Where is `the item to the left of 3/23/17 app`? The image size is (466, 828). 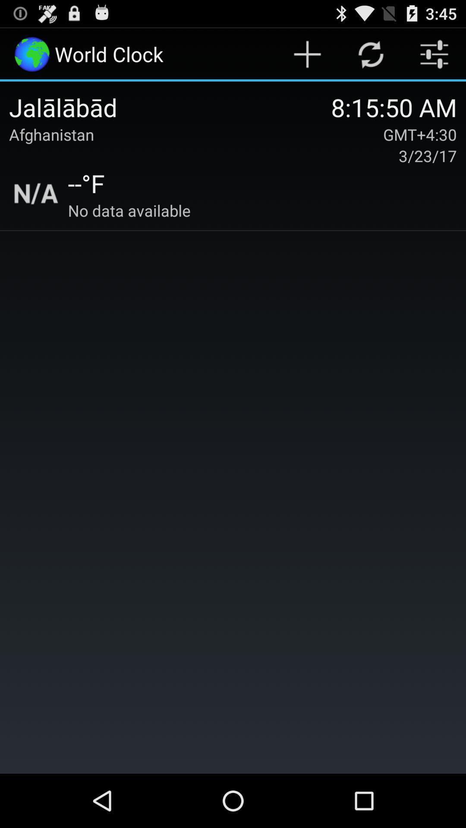 the item to the left of 3/23/17 app is located at coordinates (86, 182).